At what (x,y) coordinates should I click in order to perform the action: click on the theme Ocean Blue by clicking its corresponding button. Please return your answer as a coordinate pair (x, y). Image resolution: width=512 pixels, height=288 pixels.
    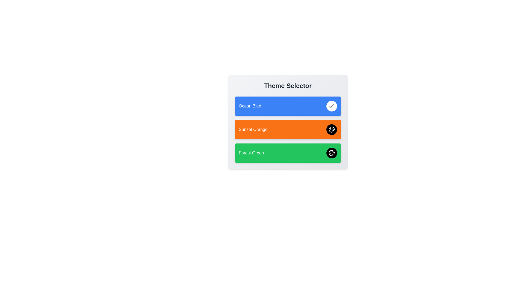
    Looking at the image, I should click on (331, 106).